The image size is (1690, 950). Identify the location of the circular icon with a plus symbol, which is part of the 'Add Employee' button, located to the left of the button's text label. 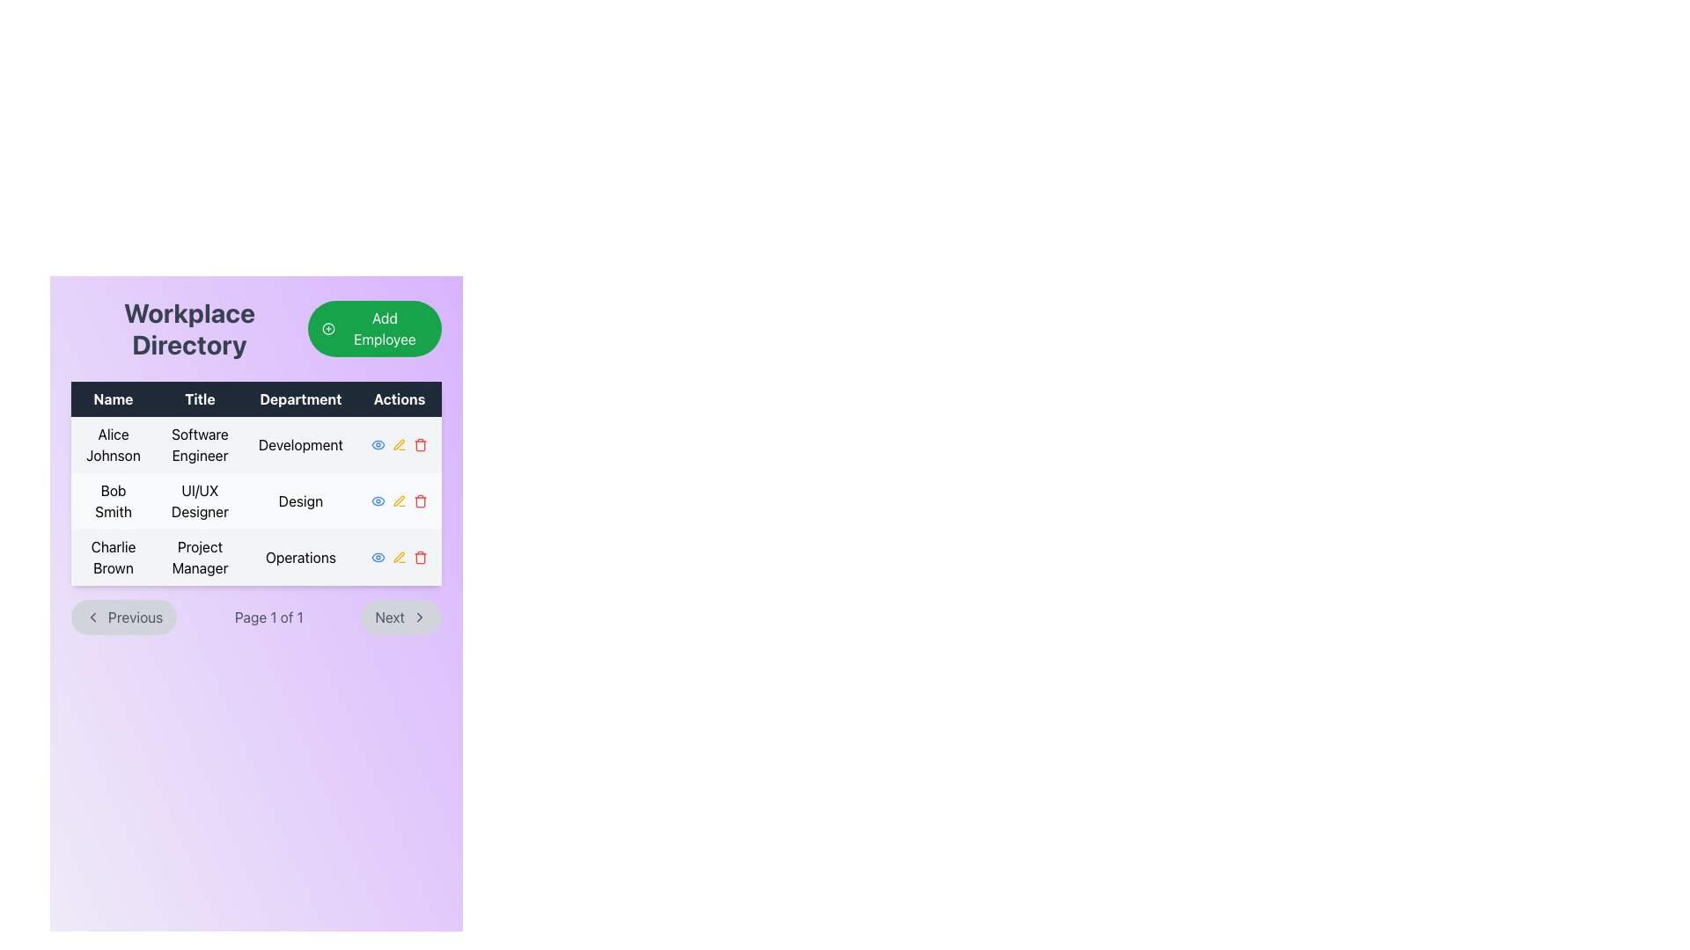
(328, 329).